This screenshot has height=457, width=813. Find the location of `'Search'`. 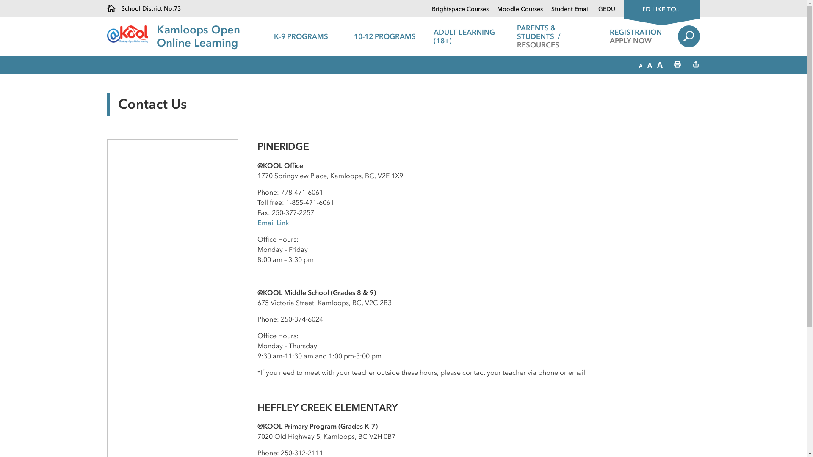

'Search' is located at coordinates (677, 36).